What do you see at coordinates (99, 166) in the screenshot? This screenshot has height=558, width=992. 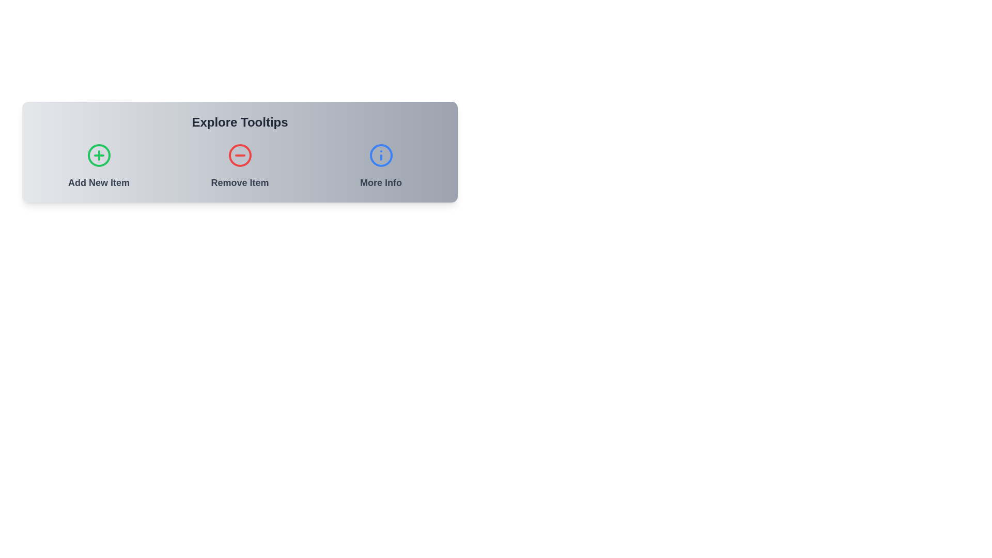 I see `the 'Add New Item' button located on the far left of the interface` at bounding box center [99, 166].